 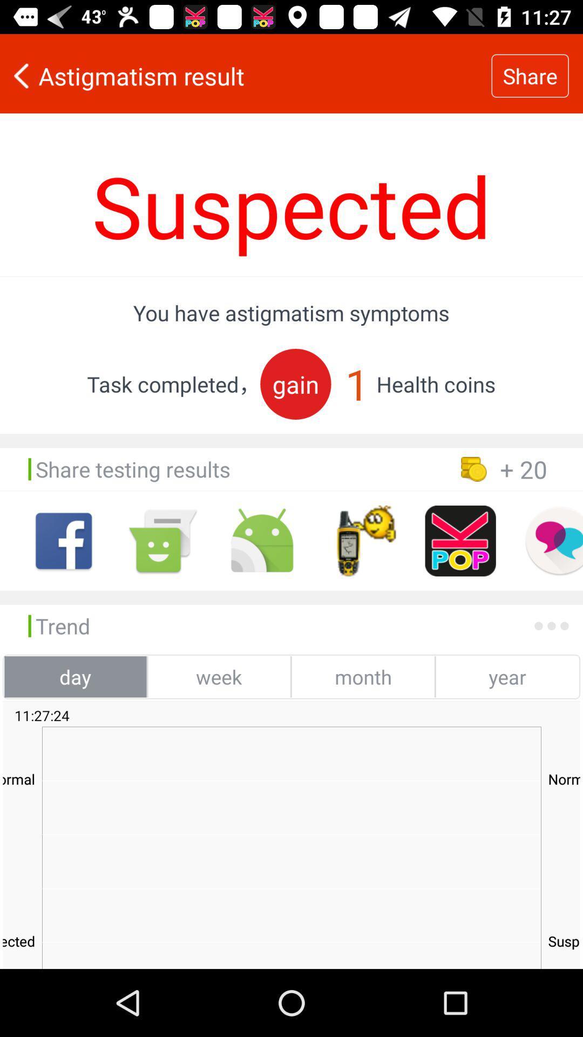 What do you see at coordinates (246, 75) in the screenshot?
I see `astigmatism result item` at bounding box center [246, 75].